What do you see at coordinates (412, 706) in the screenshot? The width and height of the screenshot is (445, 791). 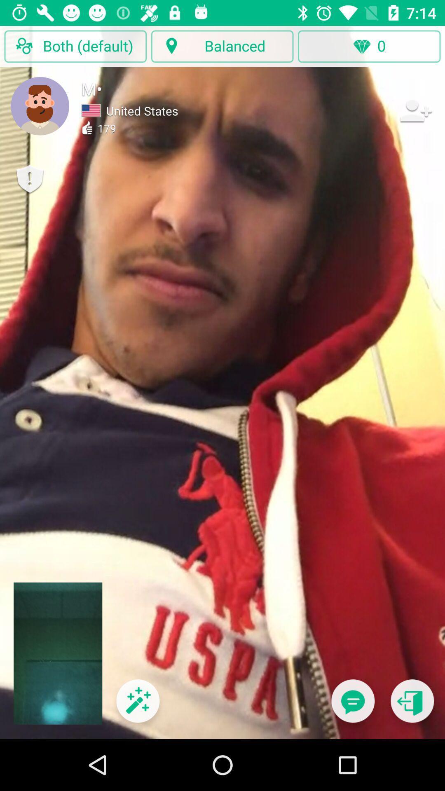 I see `go back` at bounding box center [412, 706].